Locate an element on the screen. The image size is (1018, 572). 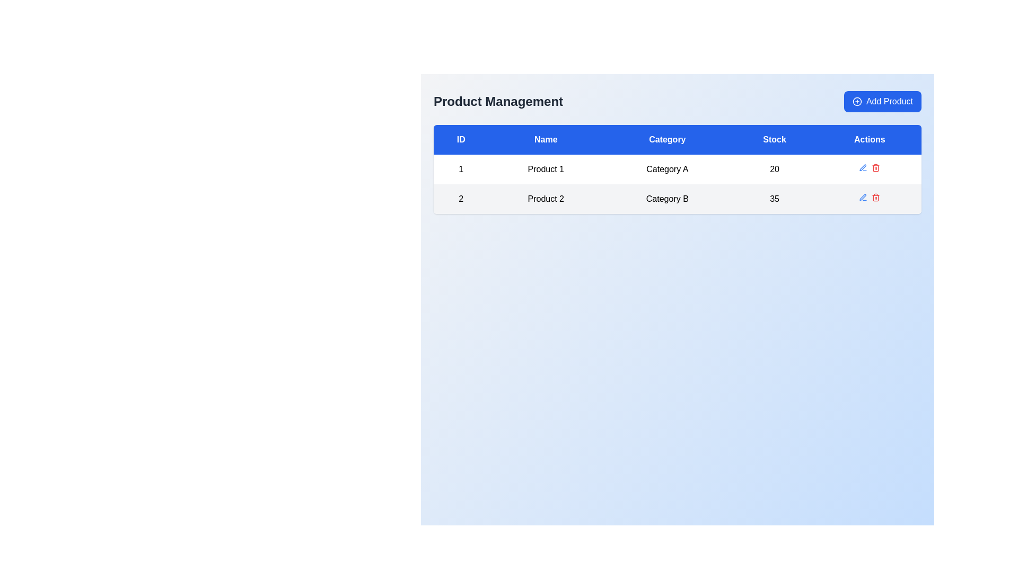
the text label displaying 'Category A' in black font, which is located in the third column and first row of the table is located at coordinates (666, 169).